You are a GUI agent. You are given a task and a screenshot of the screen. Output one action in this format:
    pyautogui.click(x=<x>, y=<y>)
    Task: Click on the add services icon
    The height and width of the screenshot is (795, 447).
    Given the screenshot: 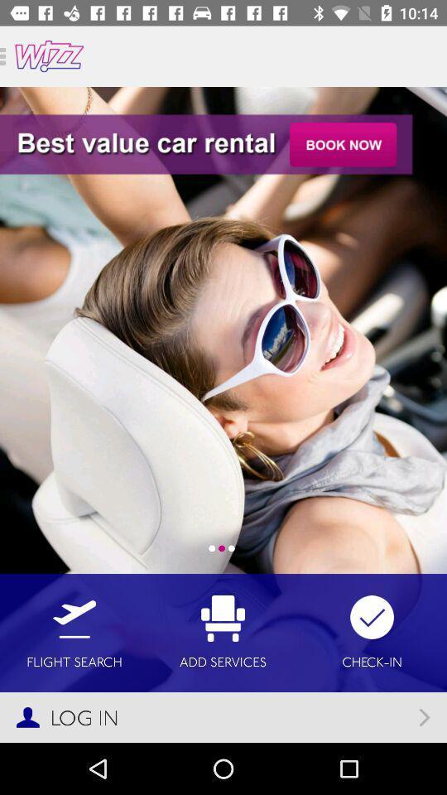 What is the action you would take?
    pyautogui.click(x=223, y=632)
    